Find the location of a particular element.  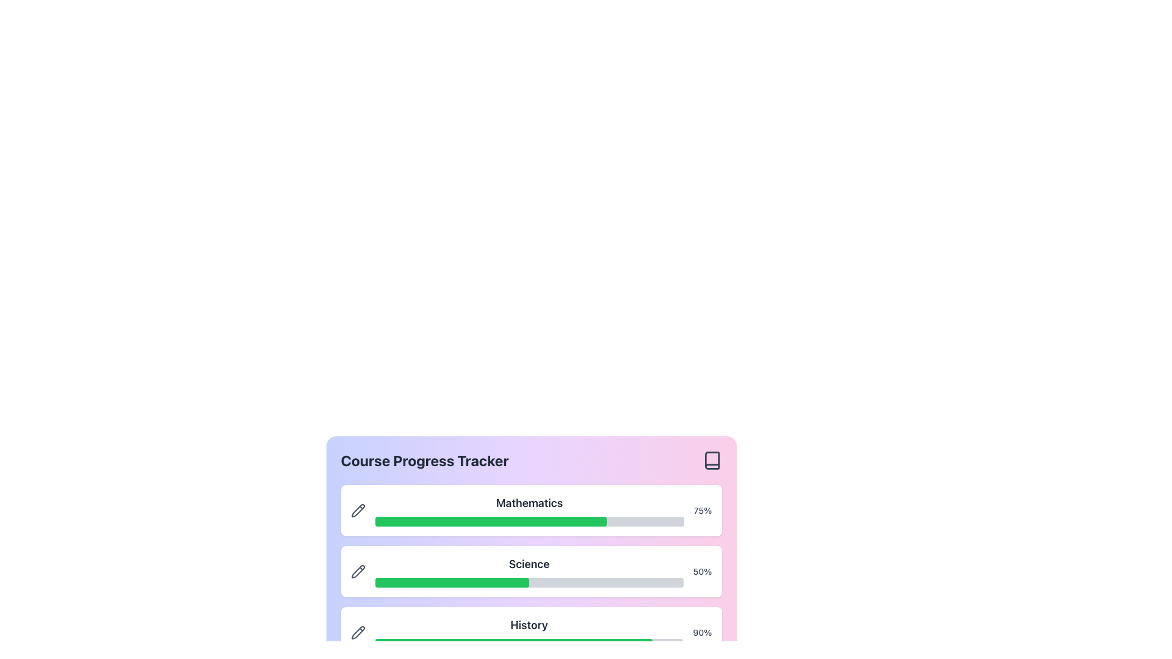

the book-like icon with a grayish hue located at the top-right corner of the 'Course Progress Tracker' section, next to the bold text header is located at coordinates (712, 461).